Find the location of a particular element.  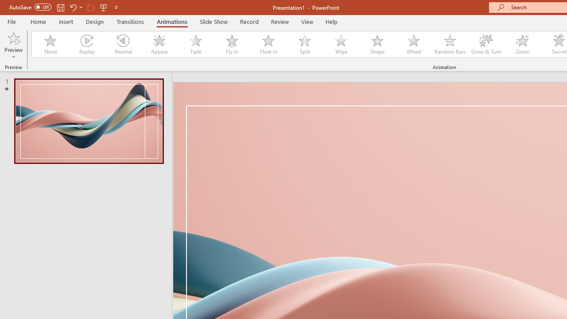

'Grow & Turn' is located at coordinates (486, 44).